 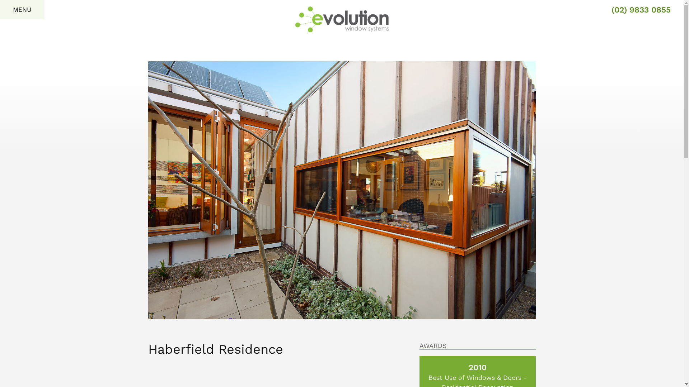 What do you see at coordinates (22, 10) in the screenshot?
I see `'MENU'` at bounding box center [22, 10].